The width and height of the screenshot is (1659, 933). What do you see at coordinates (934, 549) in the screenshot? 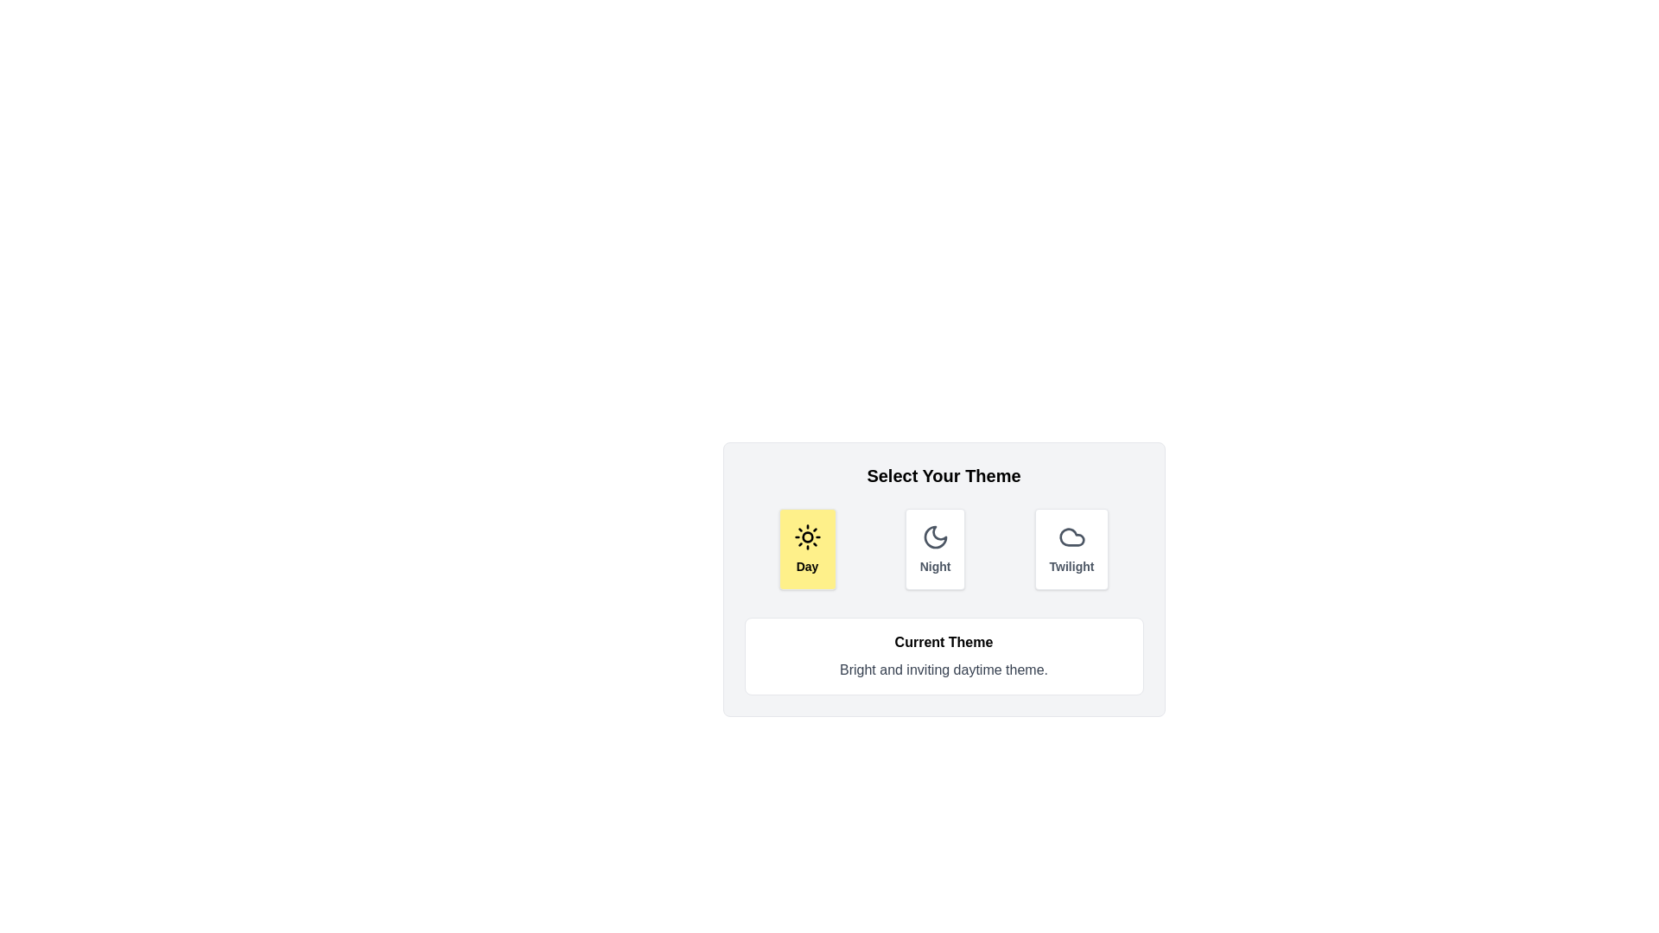
I see `the theme button corresponding to Night` at bounding box center [934, 549].